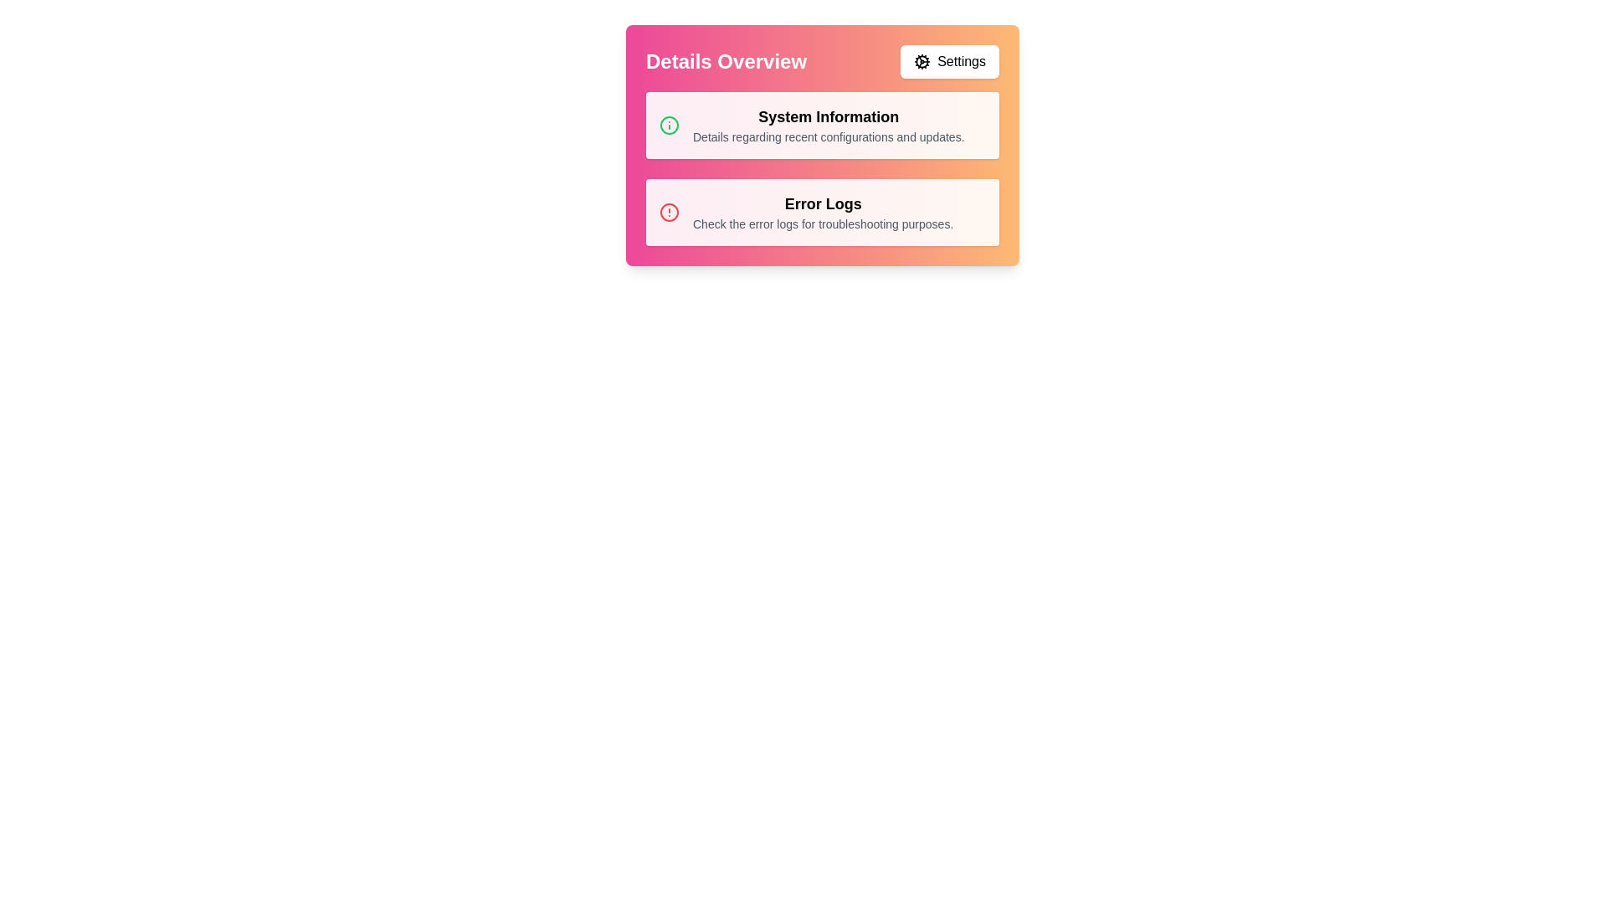 This screenshot has width=1607, height=904. Describe the element at coordinates (922, 60) in the screenshot. I see `the settings icon located to the left of the word 'Settings' in the top-right section of the 'Details Overview' panel` at that location.